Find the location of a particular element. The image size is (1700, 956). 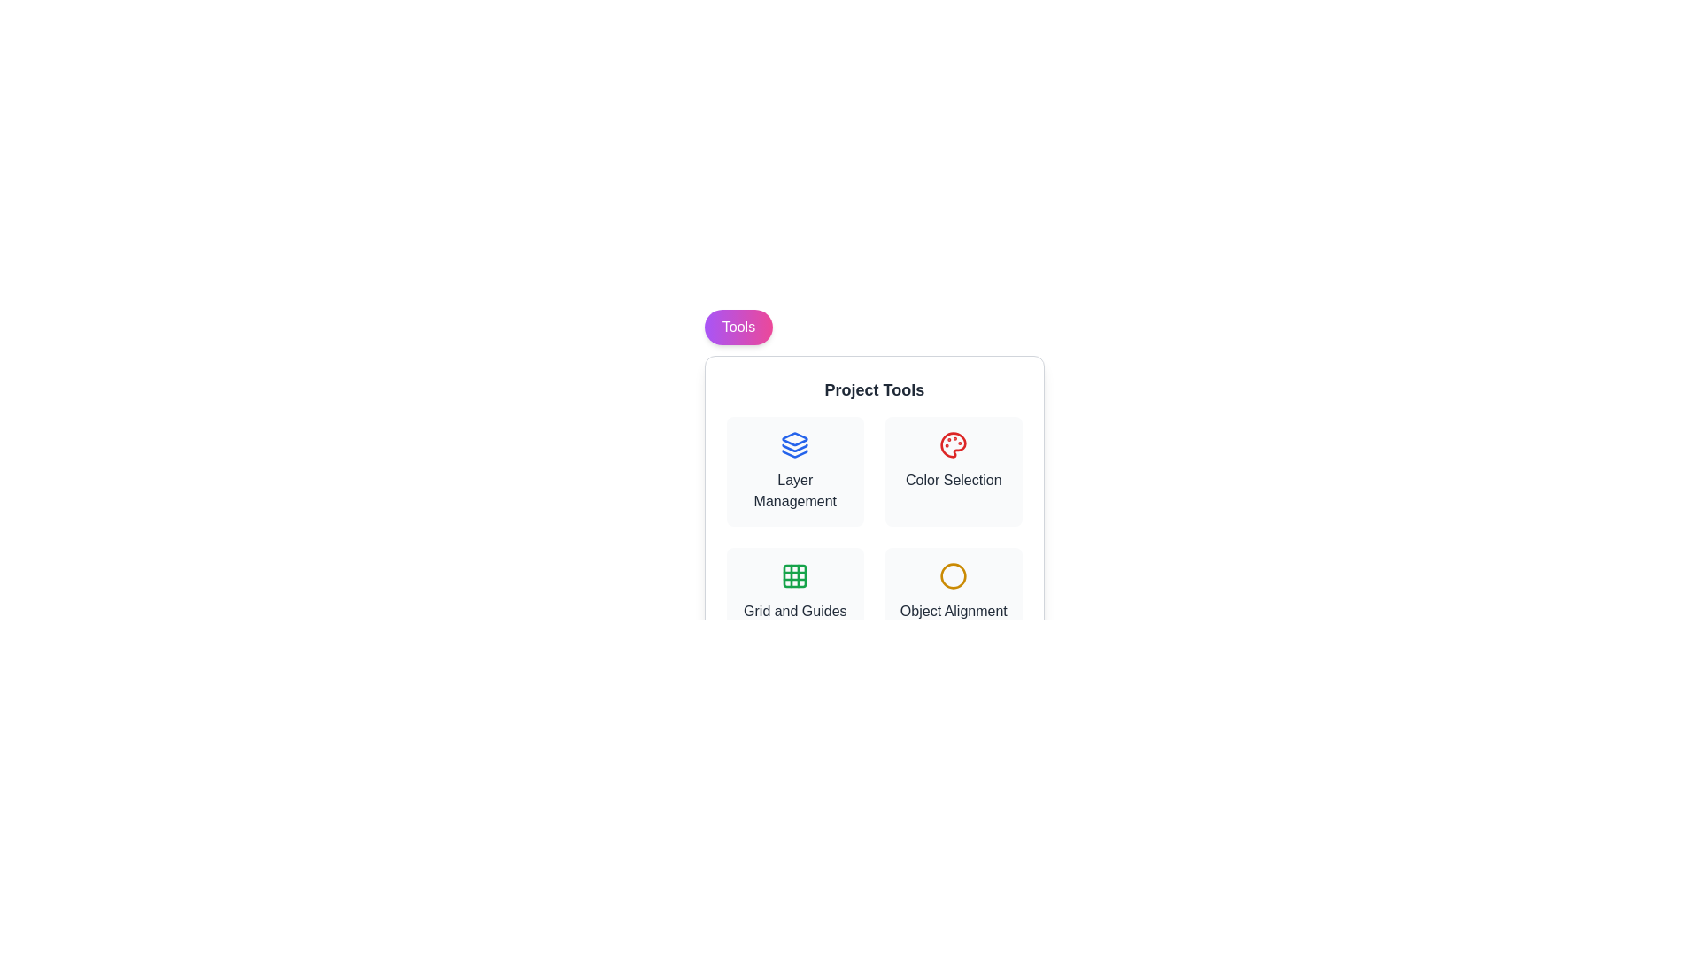

the prominent header text label styled in bold and grayish-black that displays 'Project Tools' is located at coordinates (874, 389).